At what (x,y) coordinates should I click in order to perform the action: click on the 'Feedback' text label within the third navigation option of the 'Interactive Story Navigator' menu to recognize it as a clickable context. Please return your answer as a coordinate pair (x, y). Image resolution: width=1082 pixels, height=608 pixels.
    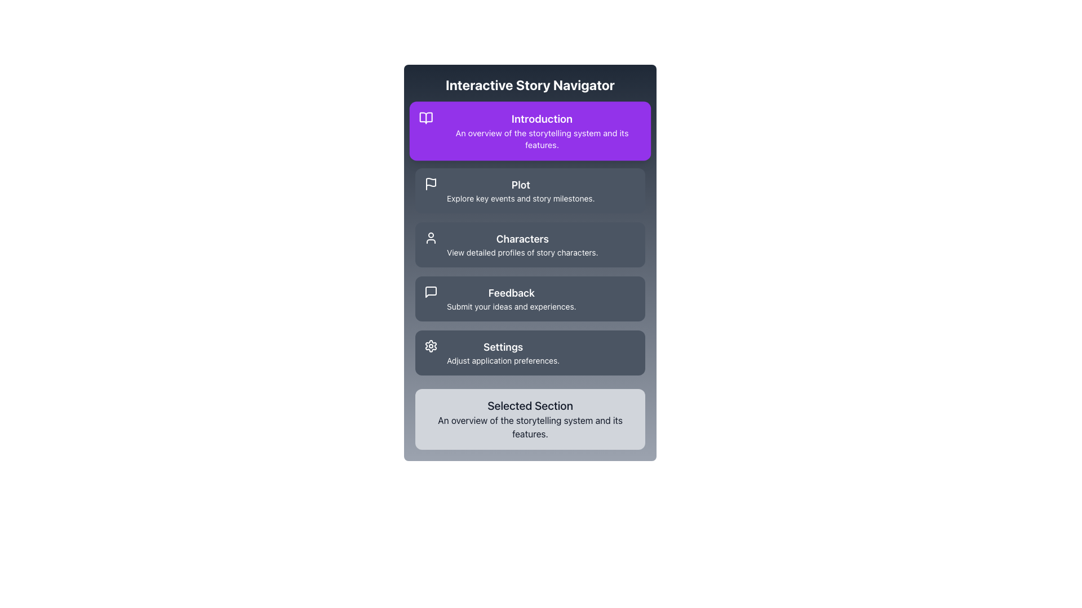
    Looking at the image, I should click on (511, 298).